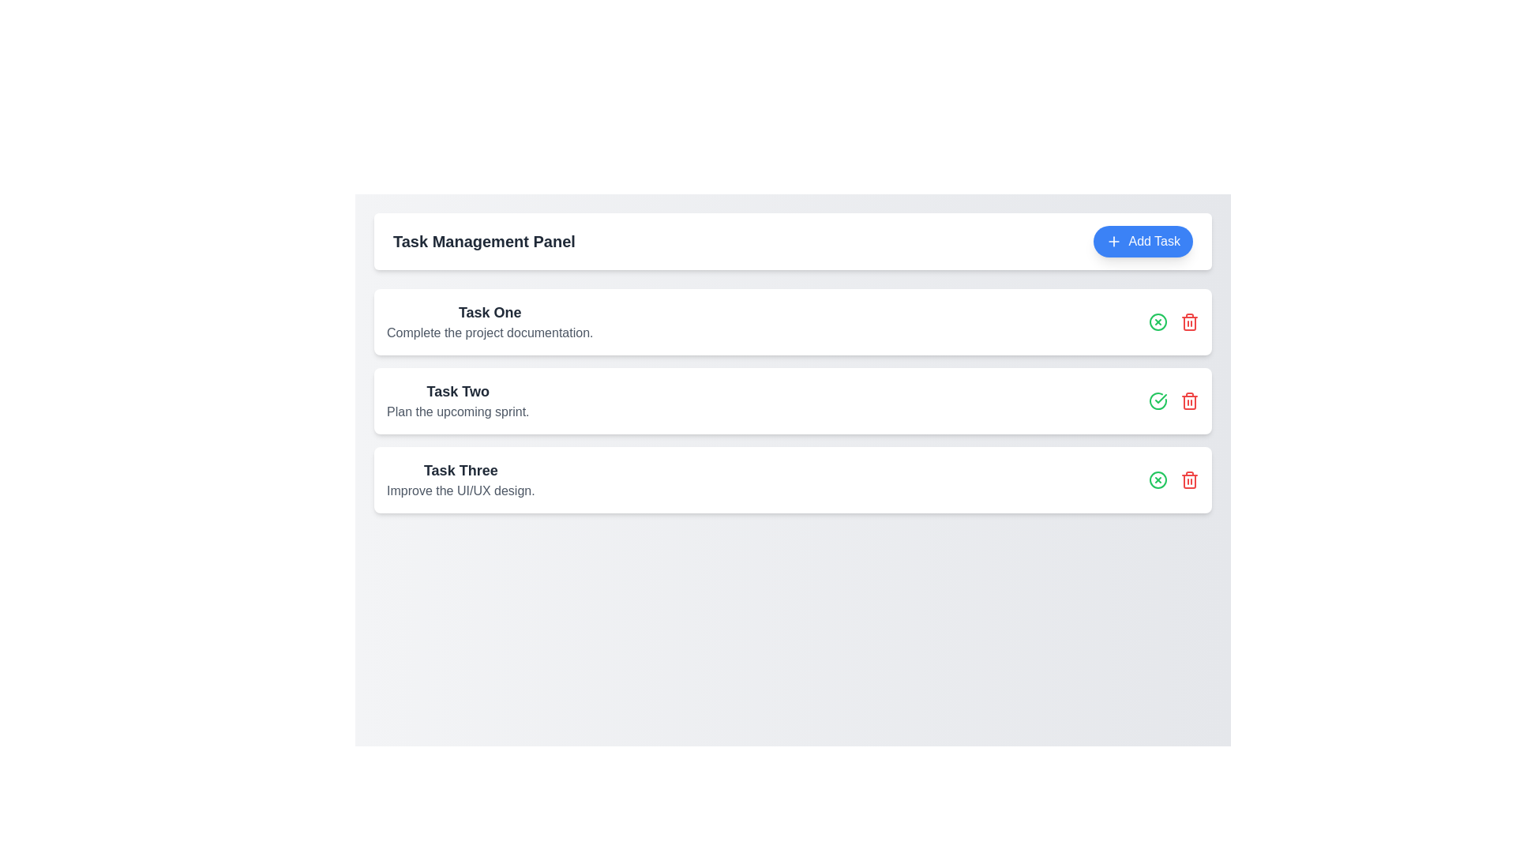  Describe the element at coordinates (483, 241) in the screenshot. I see `the 'Task Management Panel' text label, which serves as a header for the section to help users identify its purpose` at that location.